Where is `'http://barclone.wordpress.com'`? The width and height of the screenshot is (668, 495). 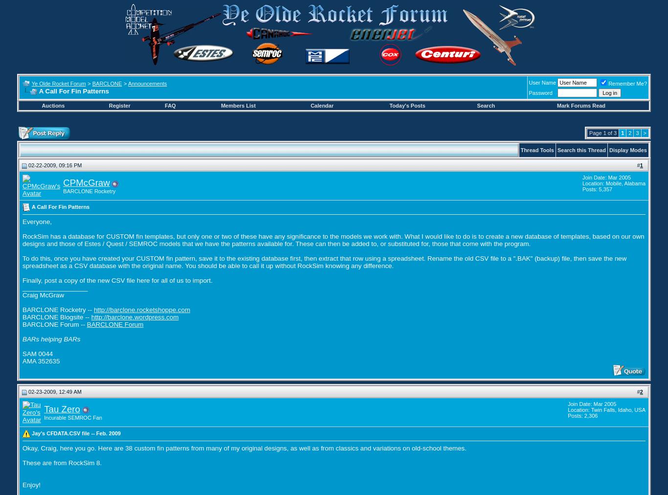
'http://barclone.wordpress.com' is located at coordinates (134, 316).